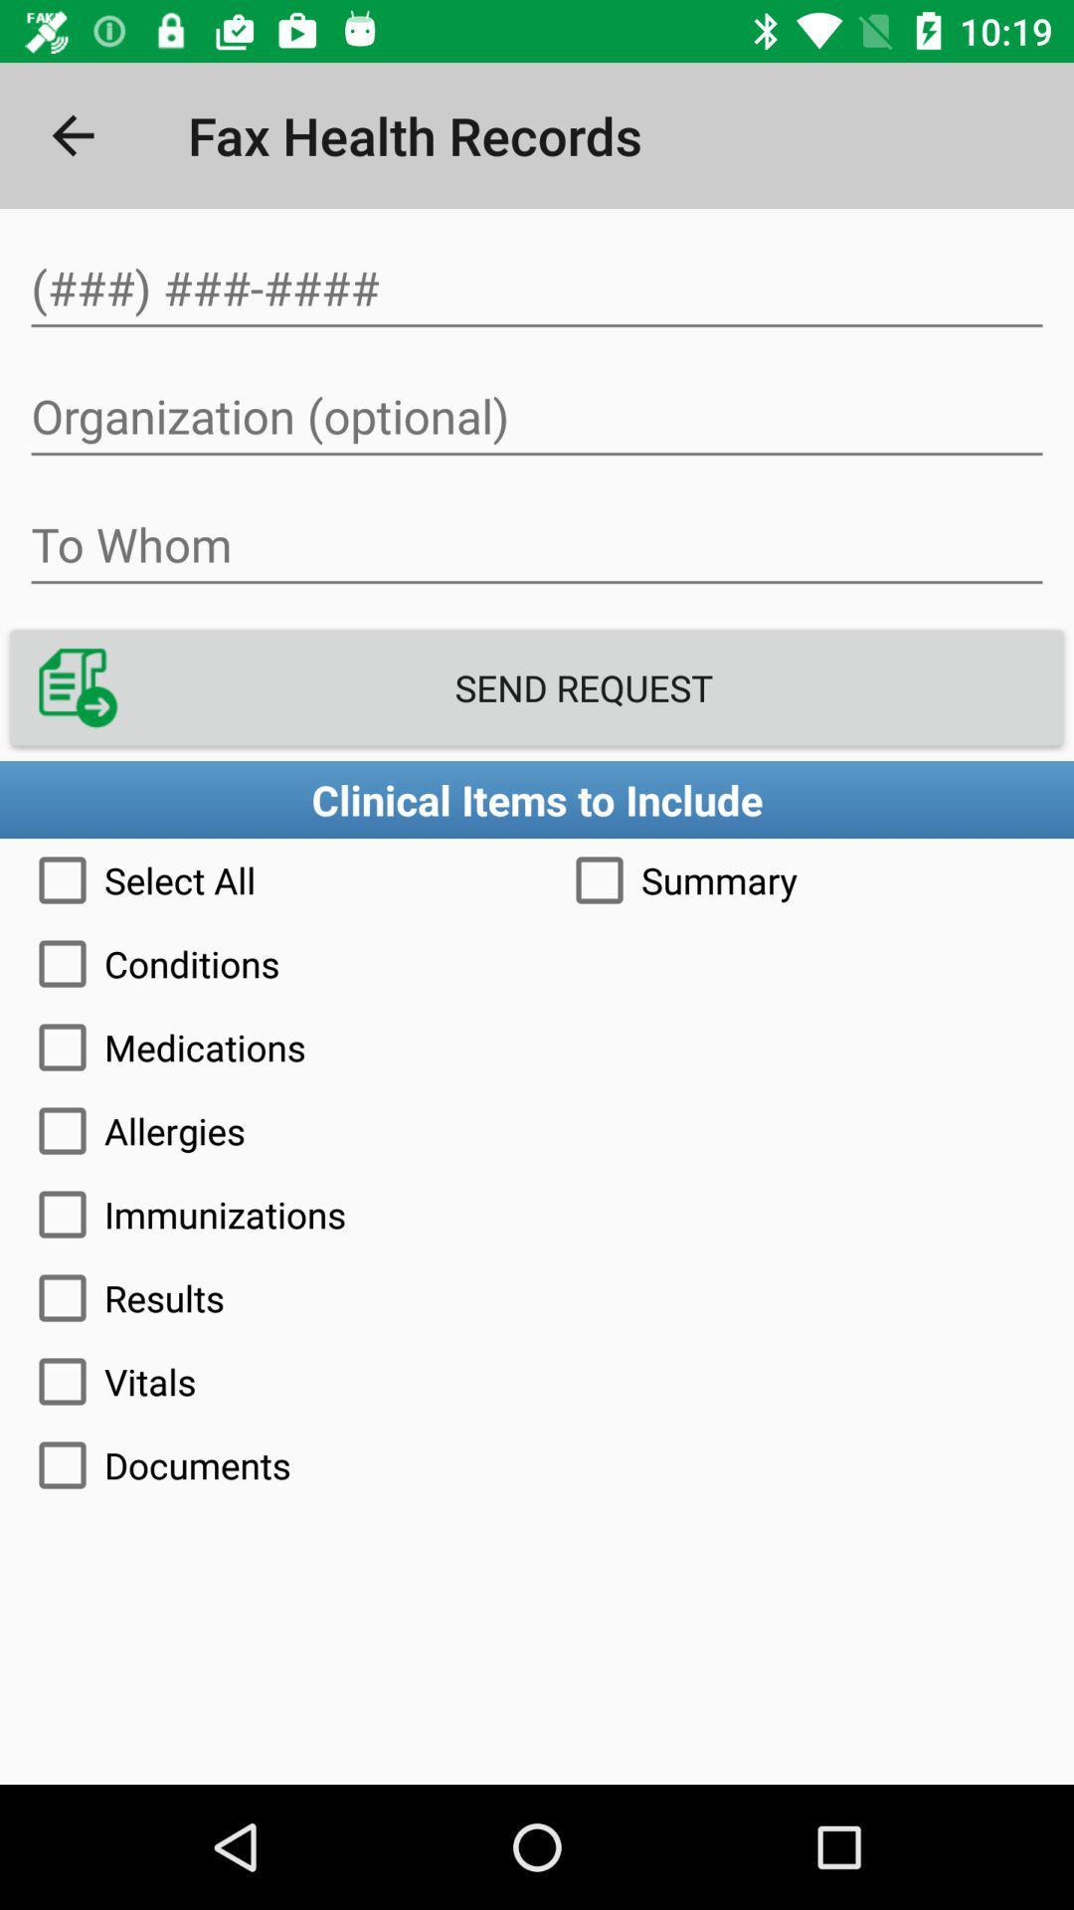 The height and width of the screenshot is (1910, 1074). Describe the element at coordinates (537, 687) in the screenshot. I see `send request` at that location.